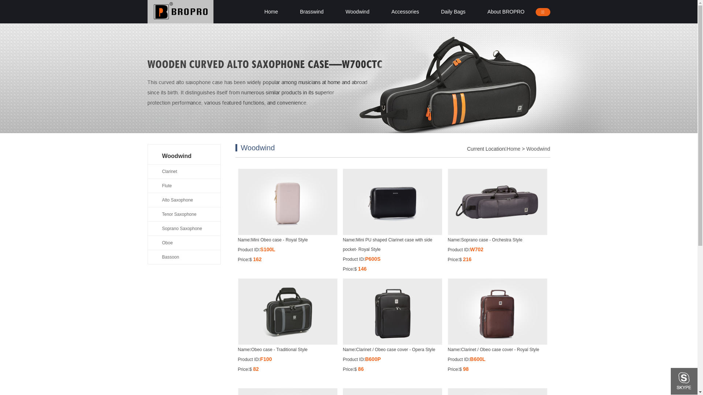 This screenshot has width=703, height=395. What do you see at coordinates (392, 202) in the screenshot?
I see `'Mini PU shaped Clarinet case with side pocket- Royal Style'` at bounding box center [392, 202].